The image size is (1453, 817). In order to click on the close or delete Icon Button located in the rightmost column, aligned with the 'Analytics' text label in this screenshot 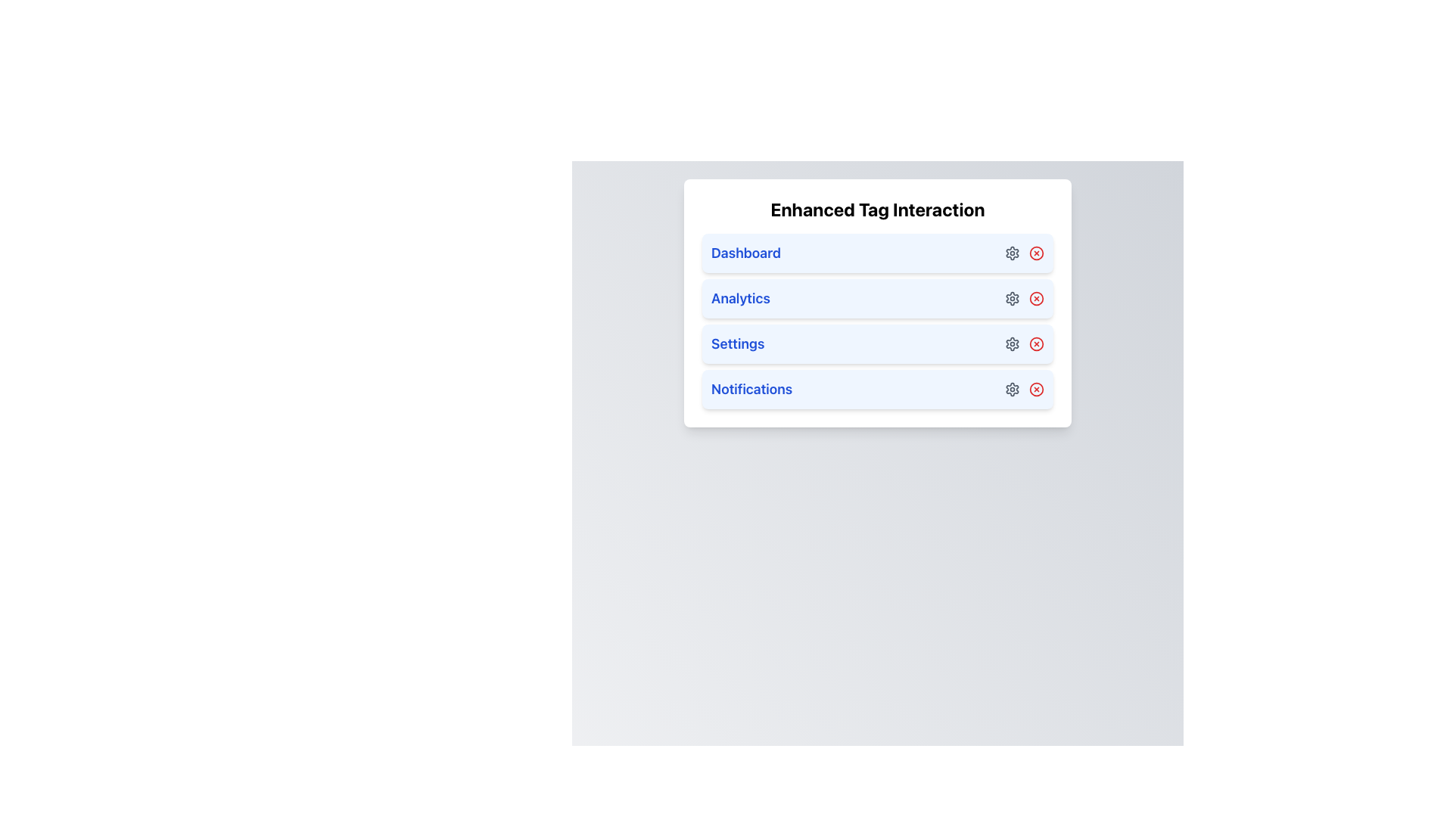, I will do `click(1035, 298)`.